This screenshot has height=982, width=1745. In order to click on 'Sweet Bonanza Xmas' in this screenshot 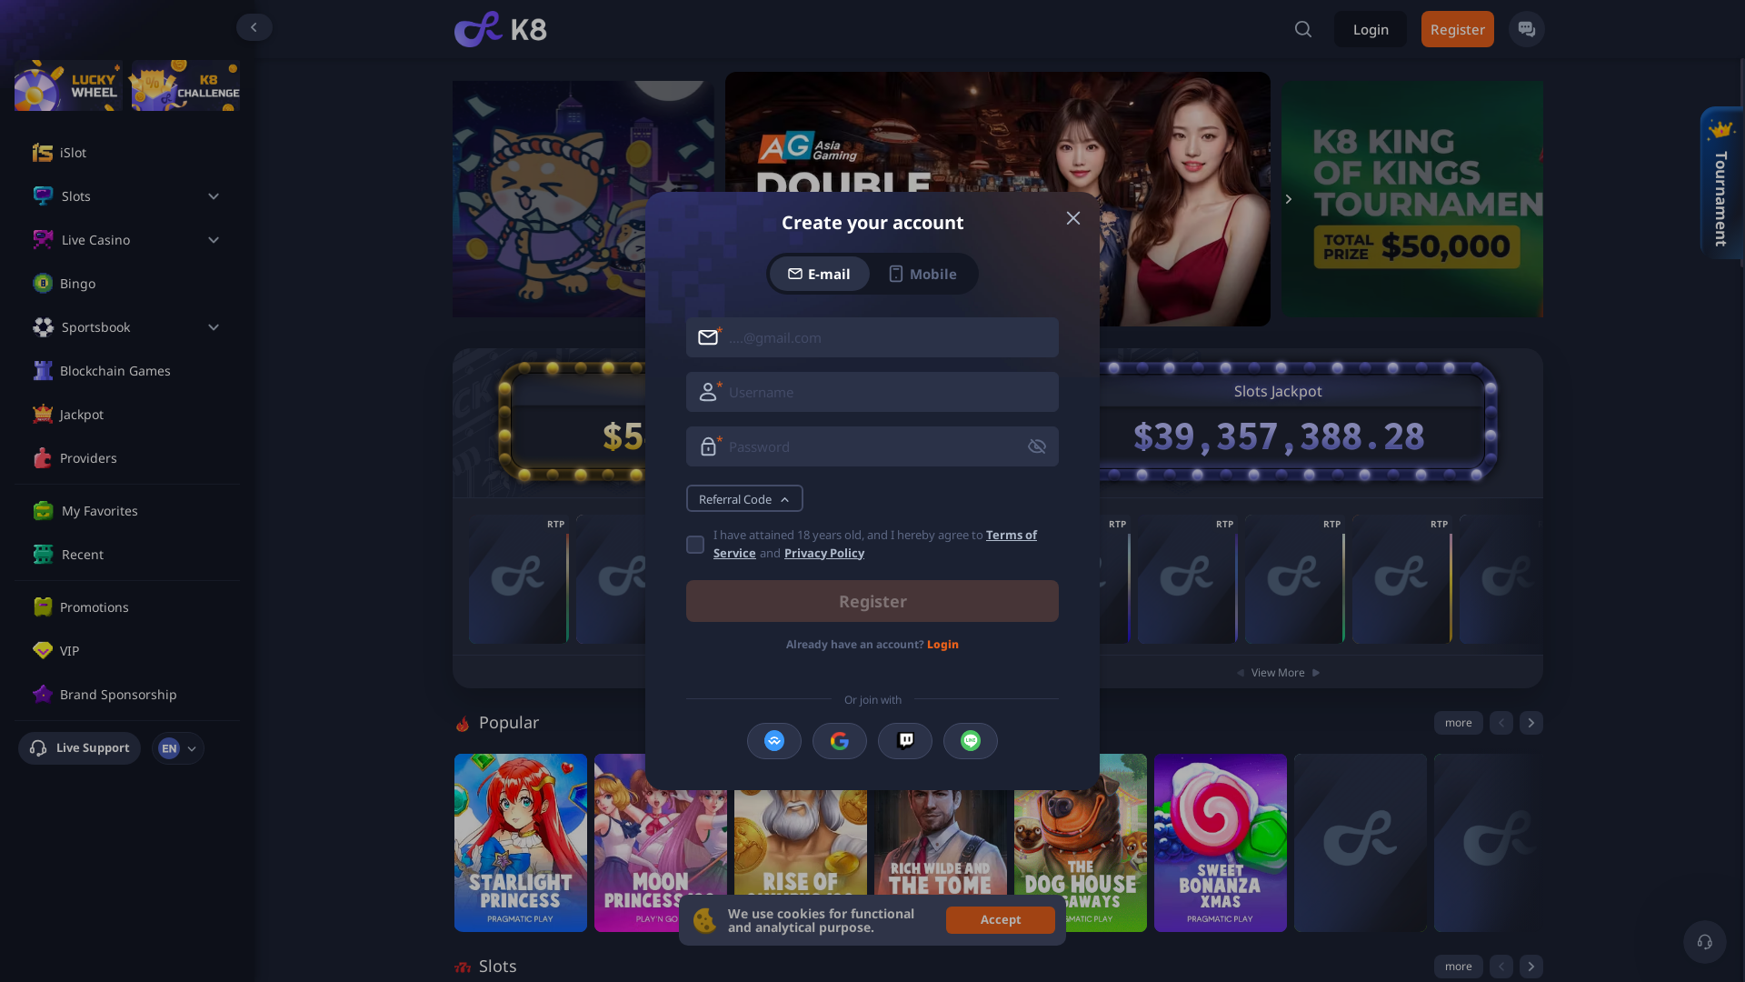, I will do `click(1221, 842)`.